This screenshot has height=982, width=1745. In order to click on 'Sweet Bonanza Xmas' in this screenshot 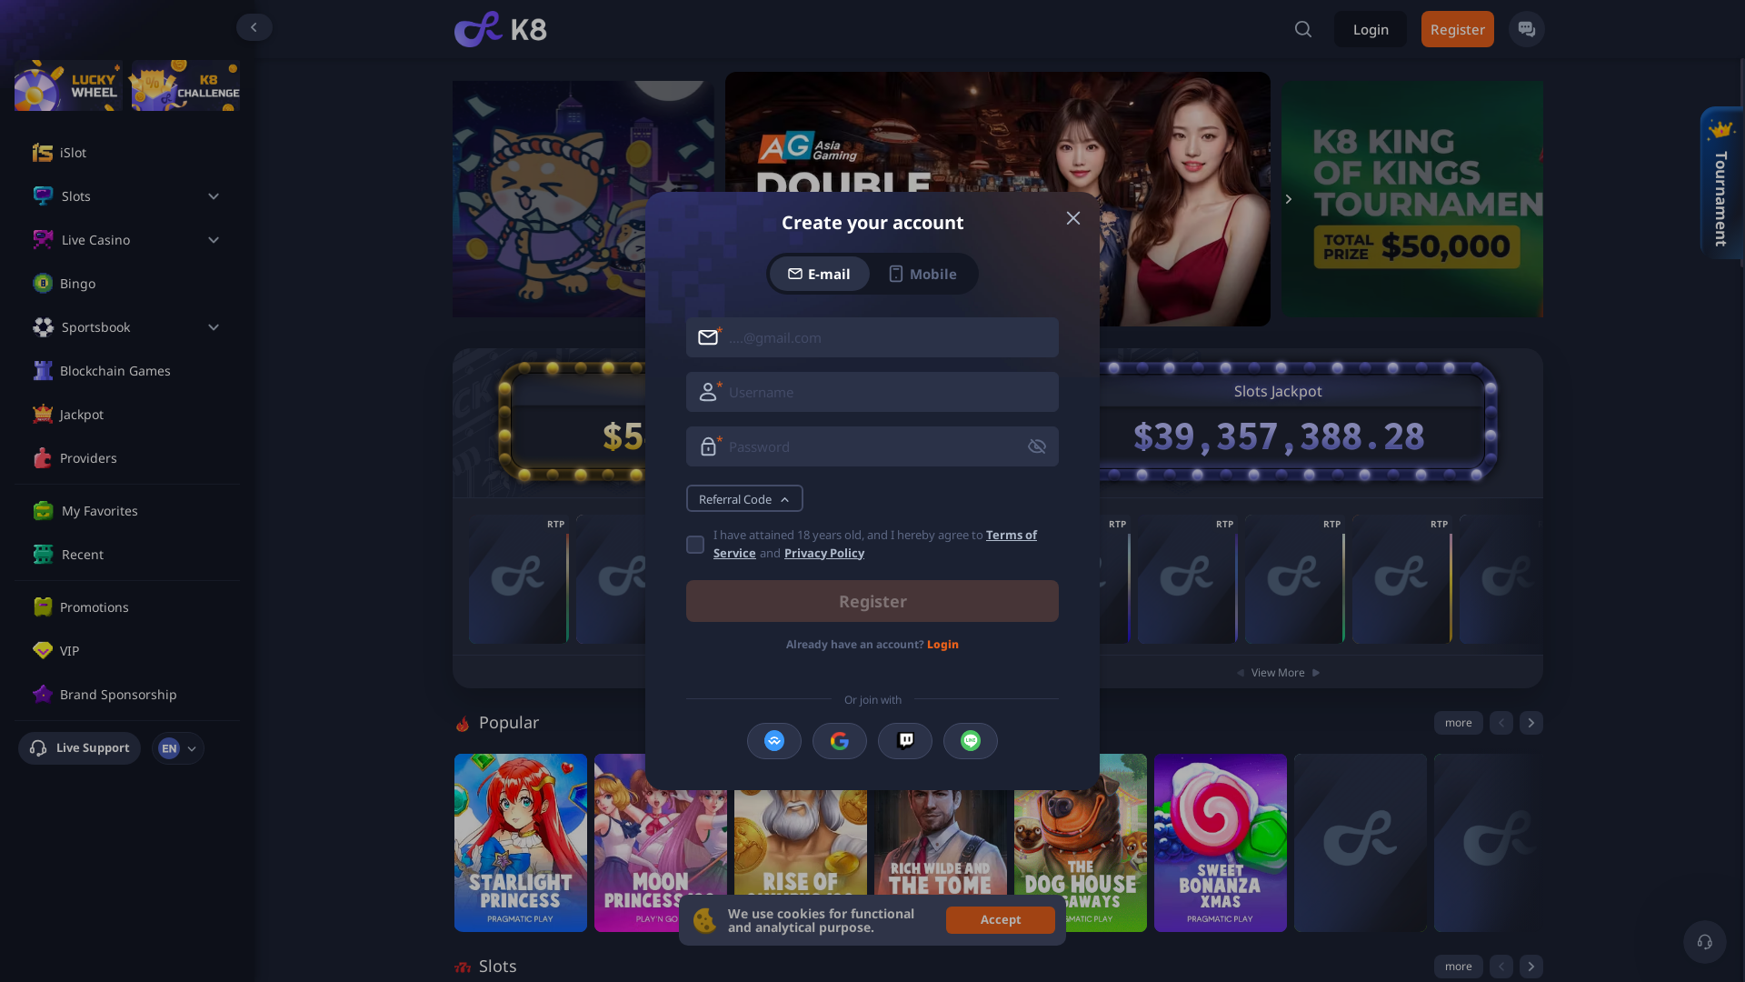, I will do `click(1221, 842)`.